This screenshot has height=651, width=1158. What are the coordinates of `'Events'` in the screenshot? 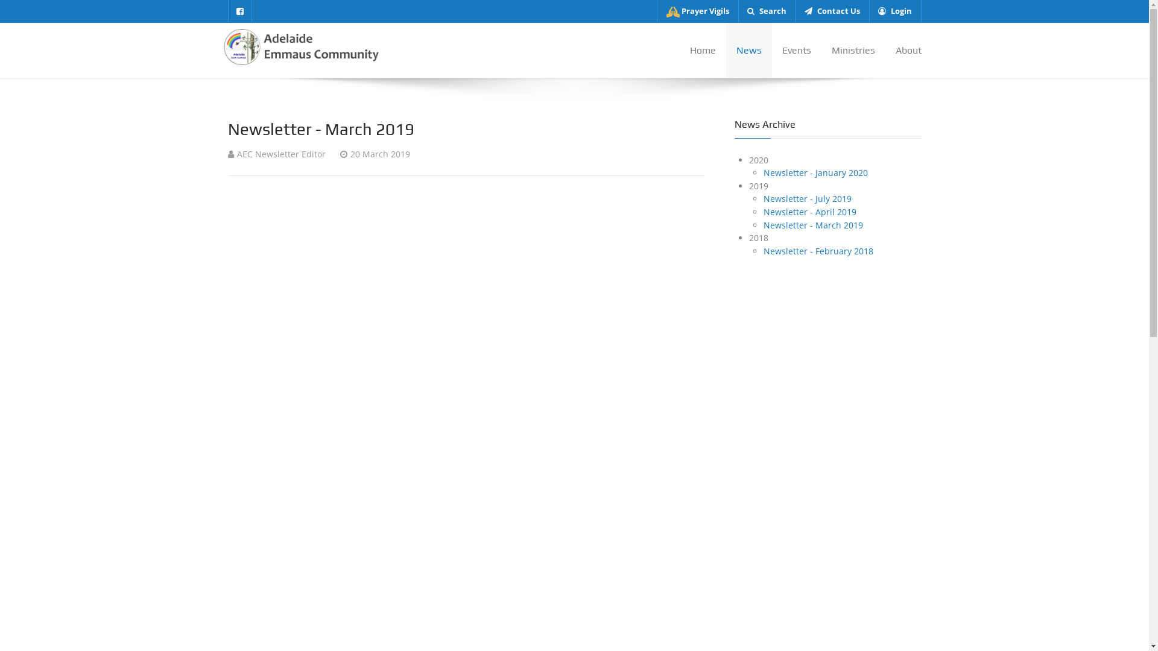 It's located at (796, 49).